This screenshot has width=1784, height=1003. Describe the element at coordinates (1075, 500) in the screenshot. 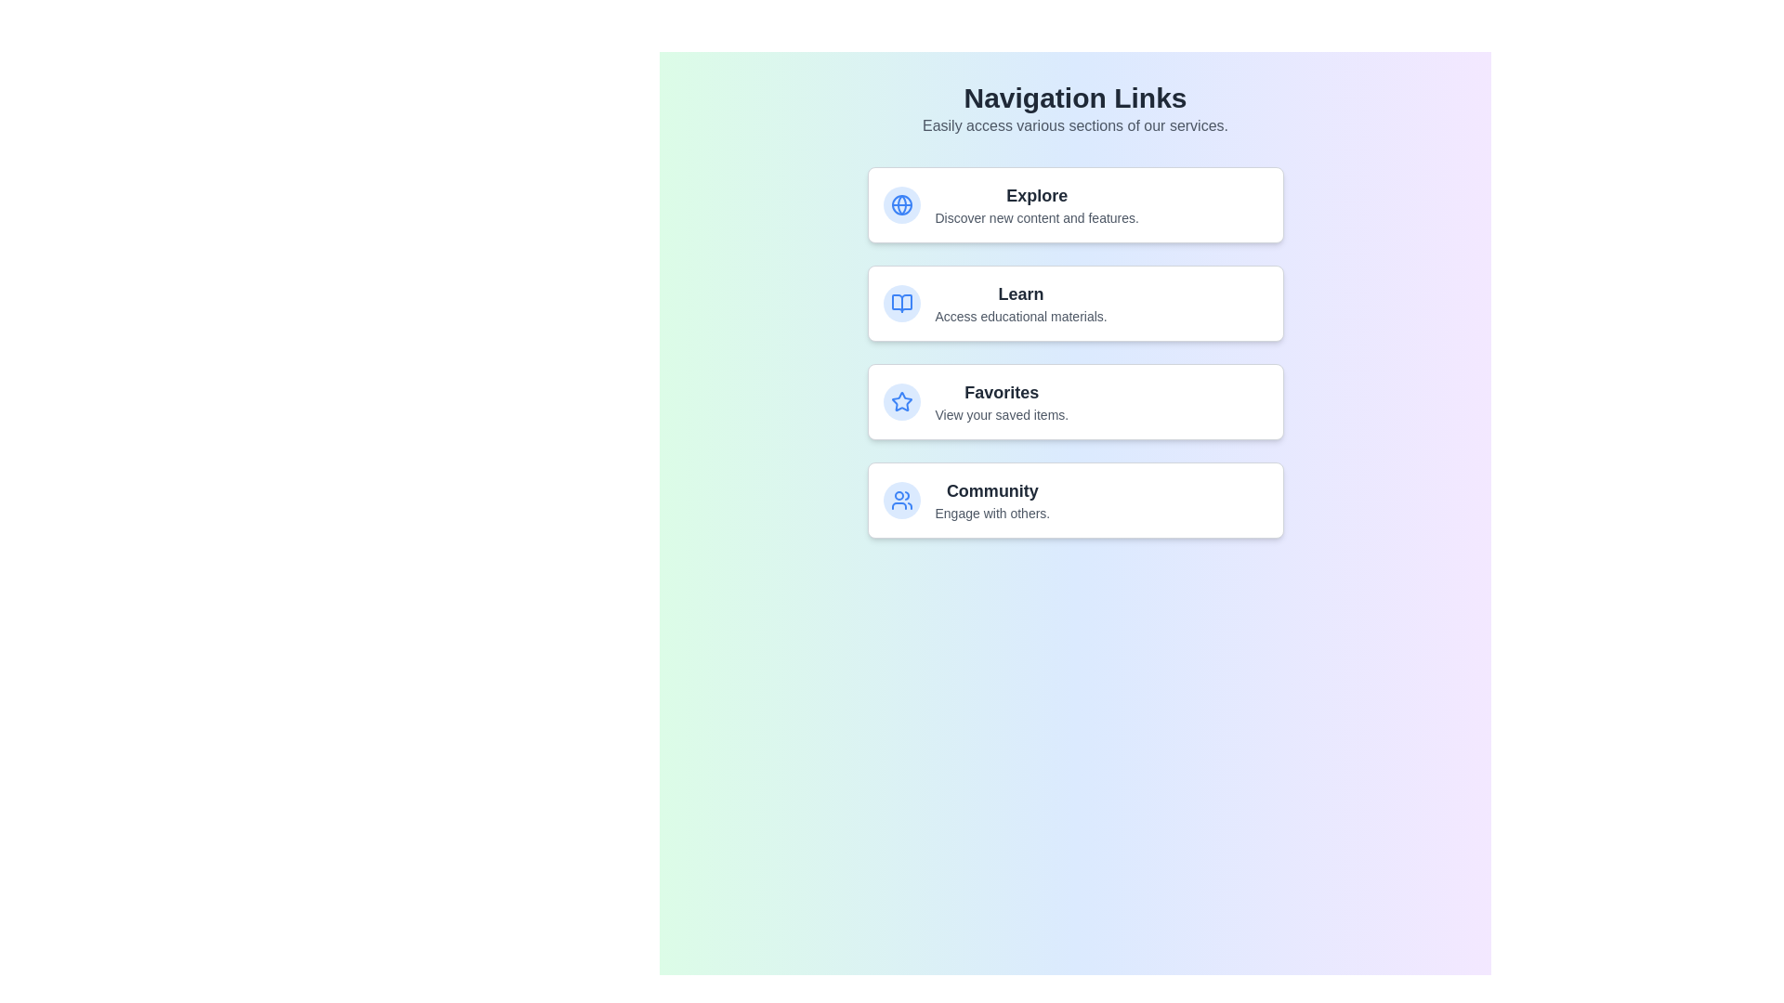

I see `the 'Community' navigation card located beneath the 'Favorites' card in the grid of navigation links` at that location.